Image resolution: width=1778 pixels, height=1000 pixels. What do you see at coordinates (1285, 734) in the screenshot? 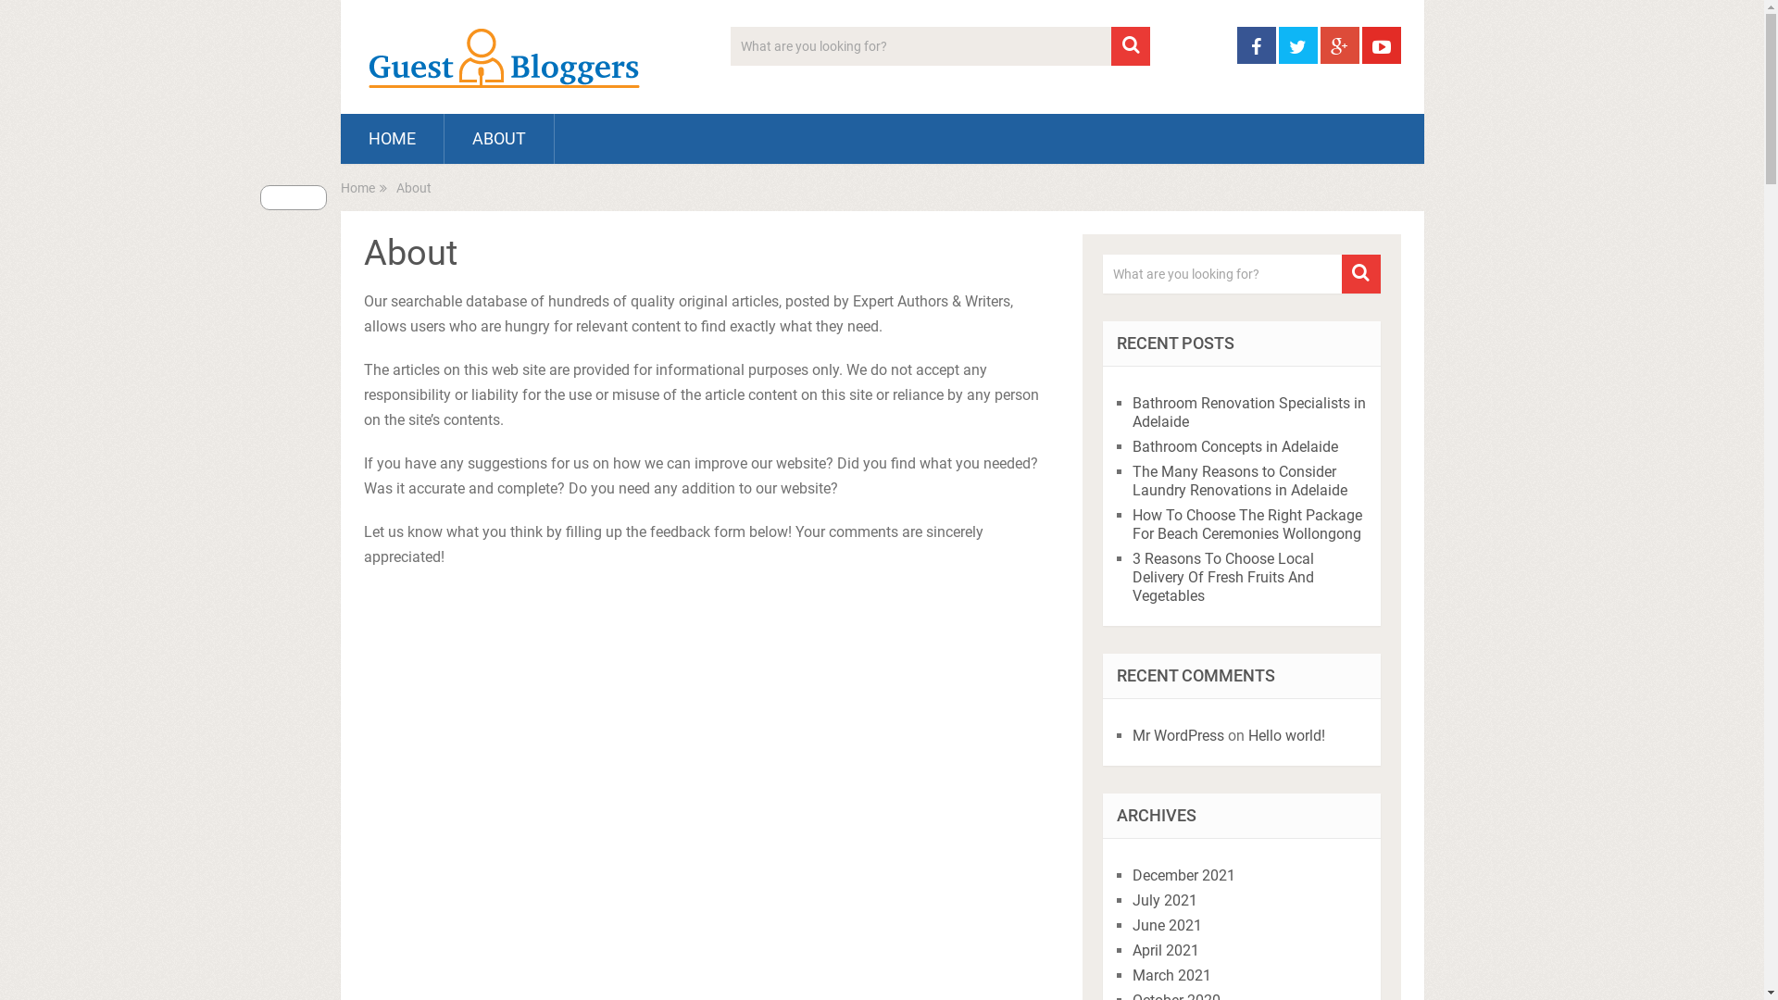
I see `'Hello world!'` at bounding box center [1285, 734].